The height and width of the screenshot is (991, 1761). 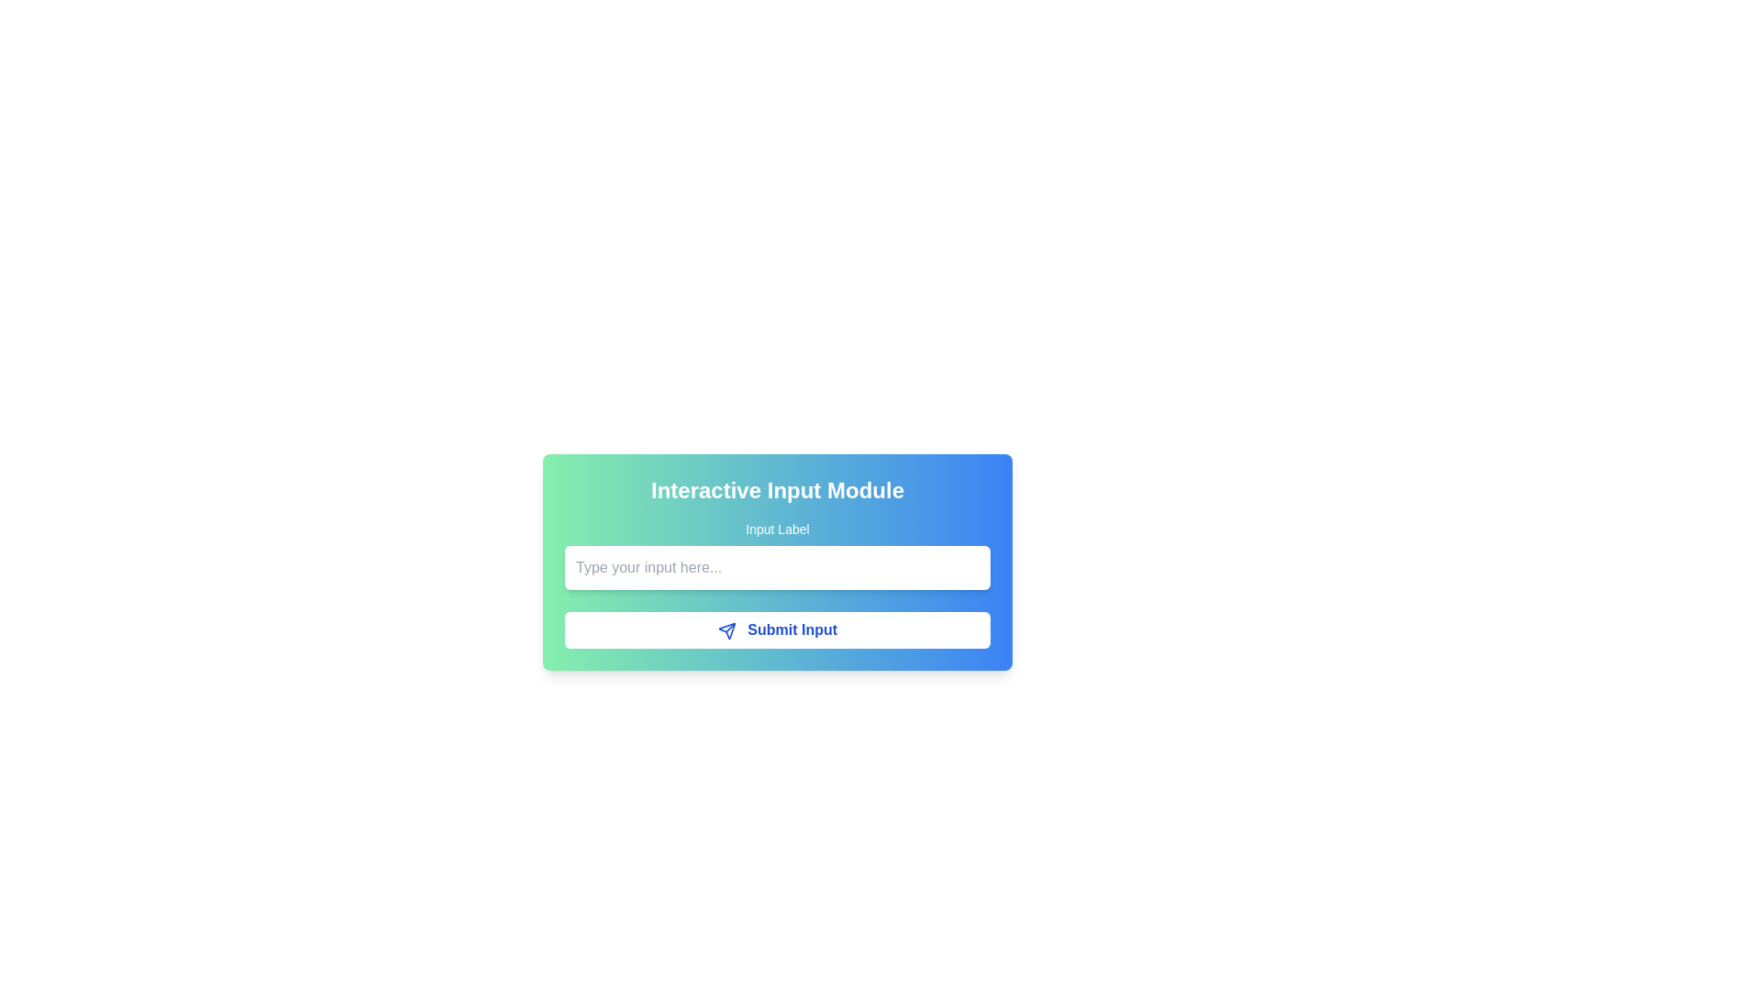 I want to click on the 'Input Label' which displays white text on a gradient green to blue background, located in the top-right section above an input field, so click(x=778, y=529).